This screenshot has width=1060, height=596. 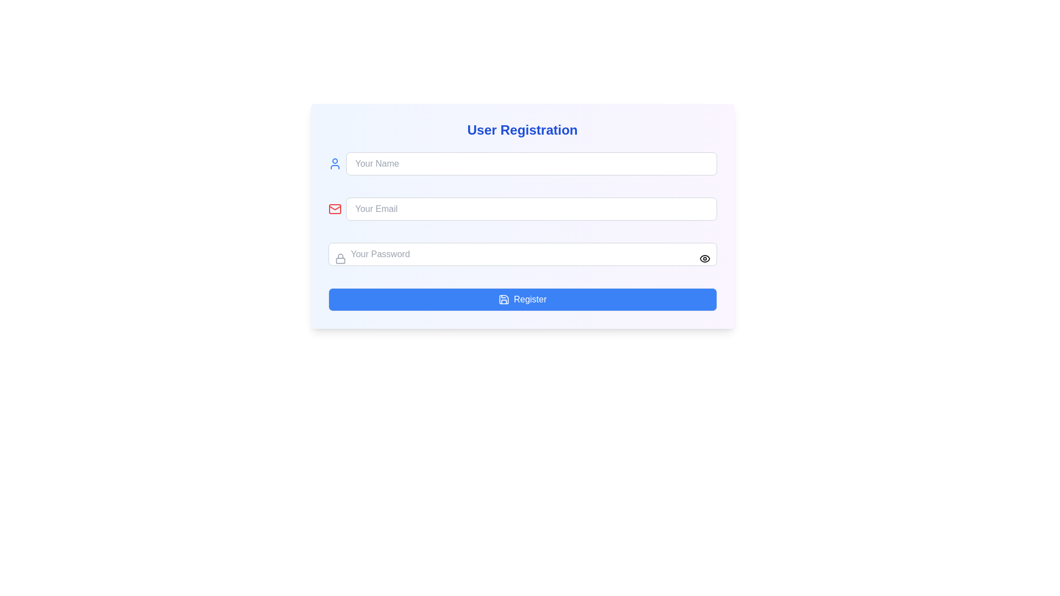 I want to click on the mail icon background element, which serves as the main rectangular base adjacent to the 'Your Email' input field label, so click(x=334, y=209).